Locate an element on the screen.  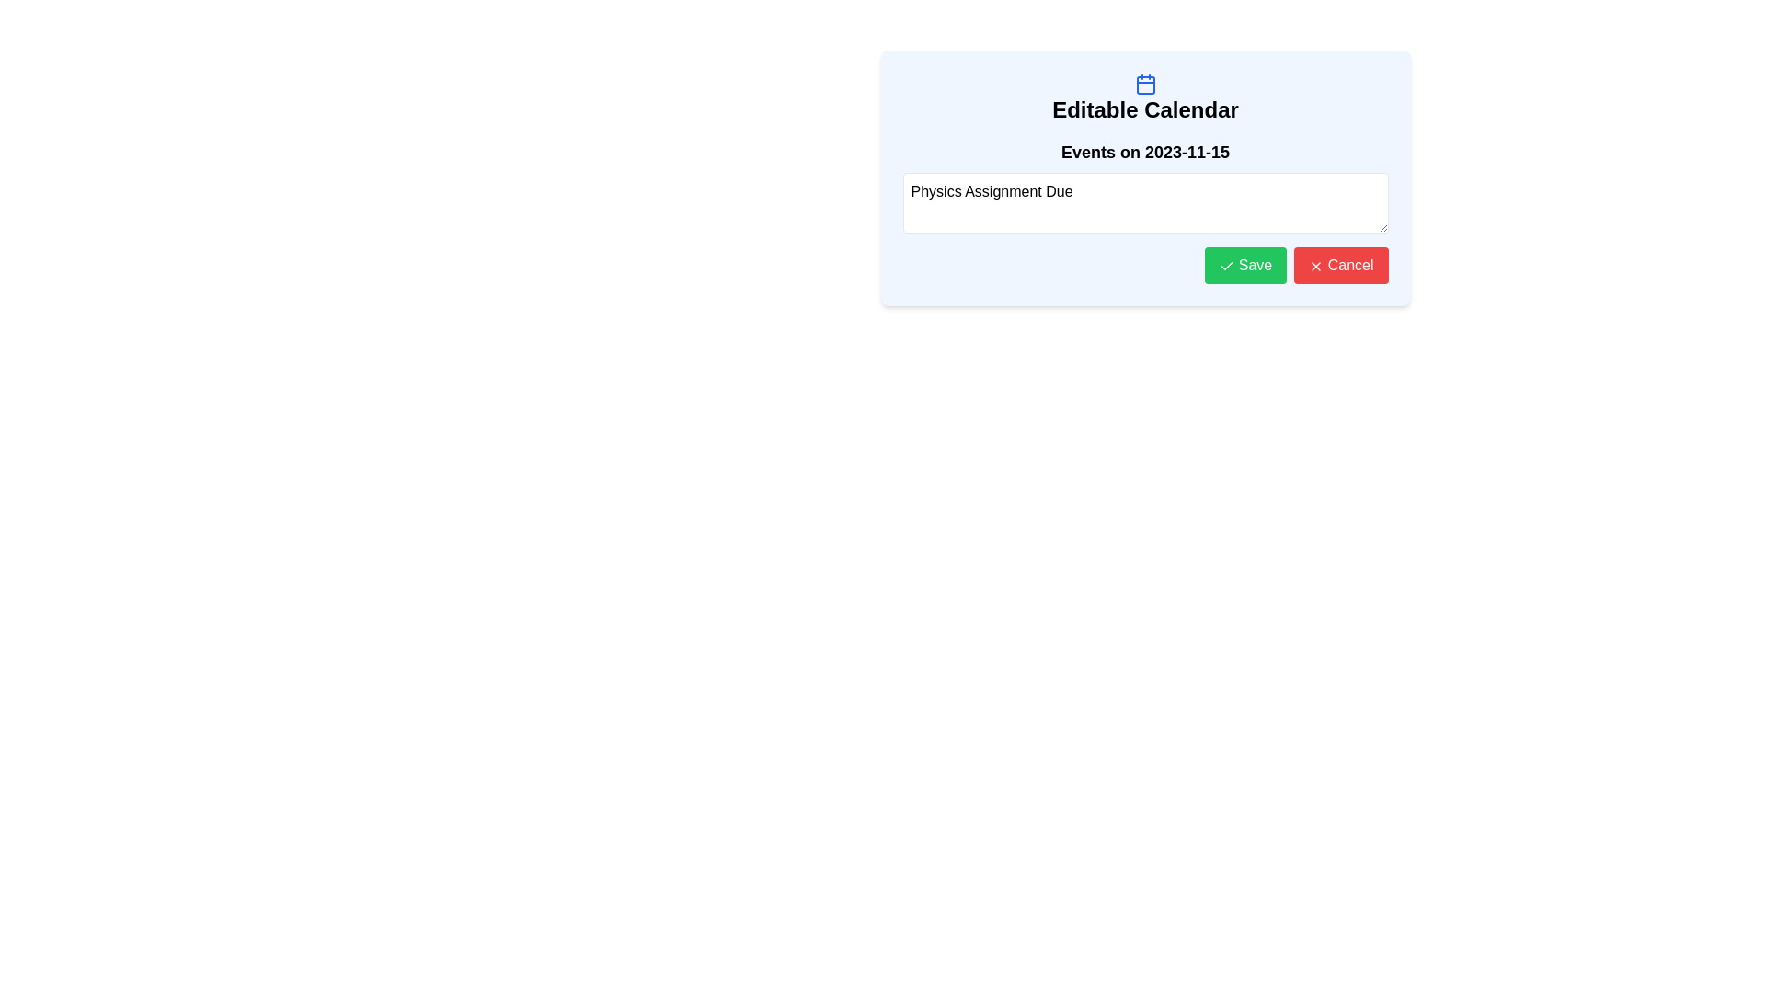
the 'Save' button located at the bottom of the editable calendar interface is located at coordinates (1245, 265).